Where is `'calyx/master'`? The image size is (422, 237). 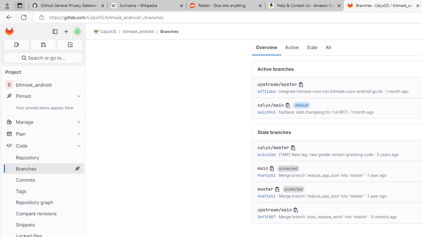 'calyx/master' is located at coordinates (273, 147).